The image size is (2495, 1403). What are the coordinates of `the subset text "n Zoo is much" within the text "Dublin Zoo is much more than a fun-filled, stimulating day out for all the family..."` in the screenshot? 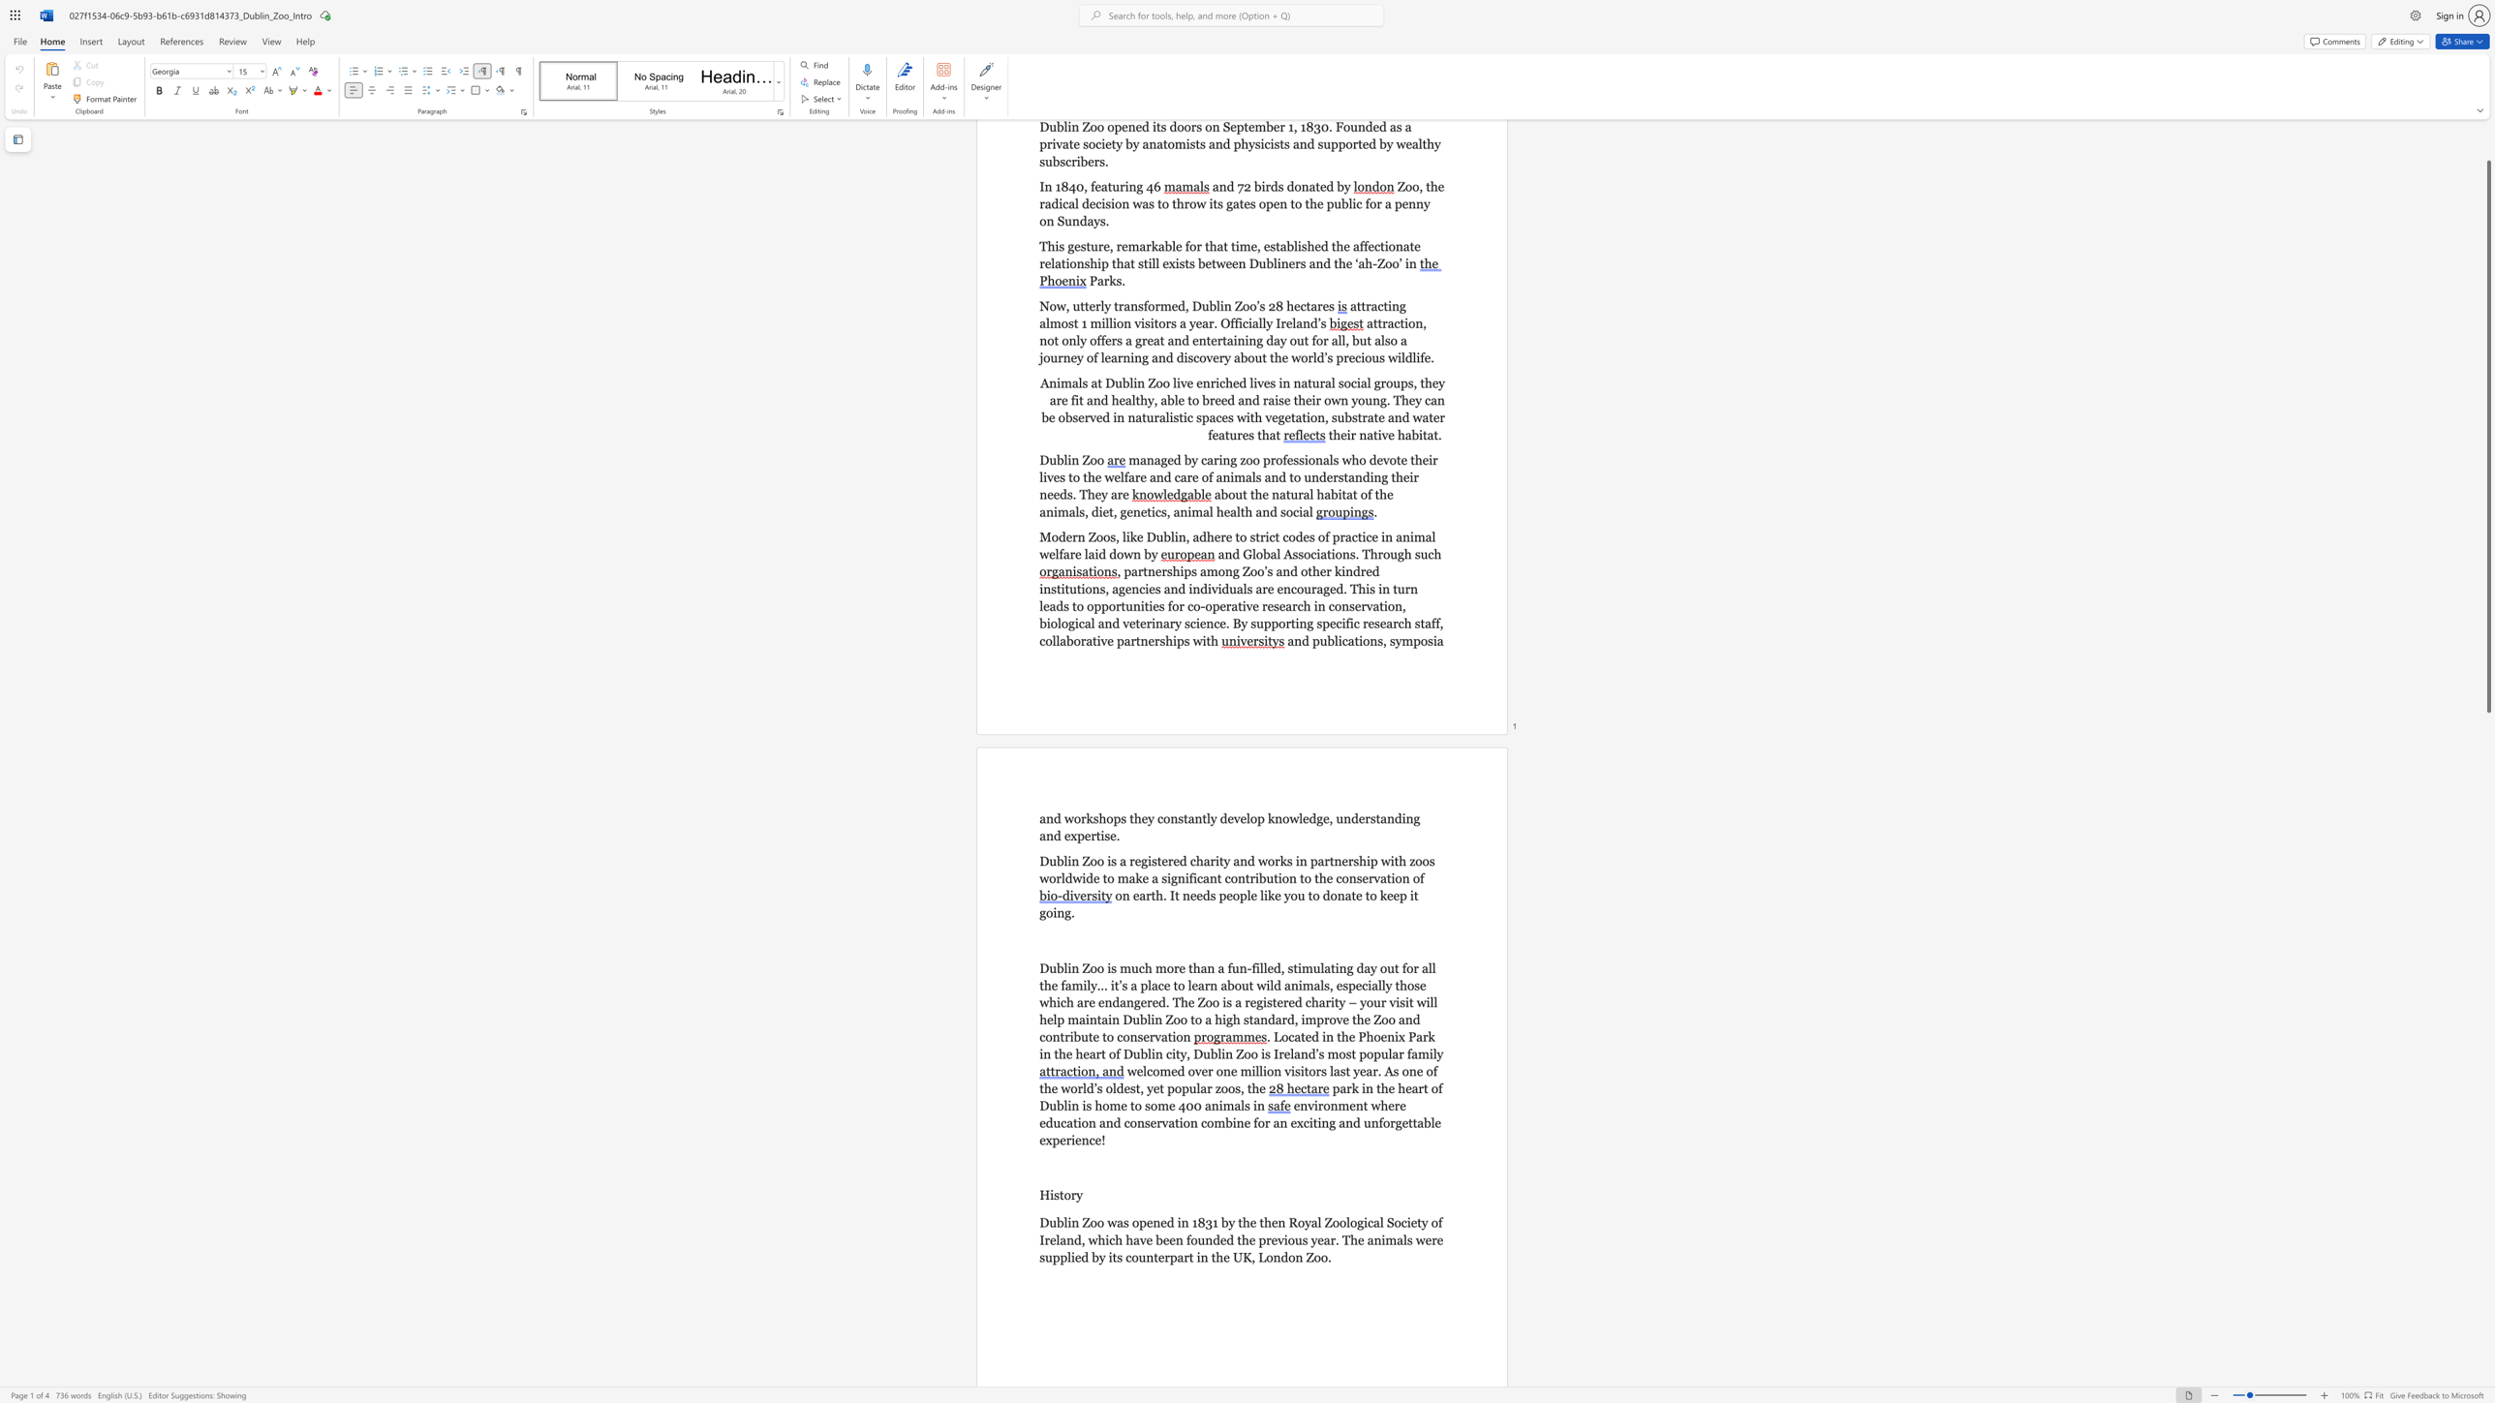 It's located at (1071, 966).